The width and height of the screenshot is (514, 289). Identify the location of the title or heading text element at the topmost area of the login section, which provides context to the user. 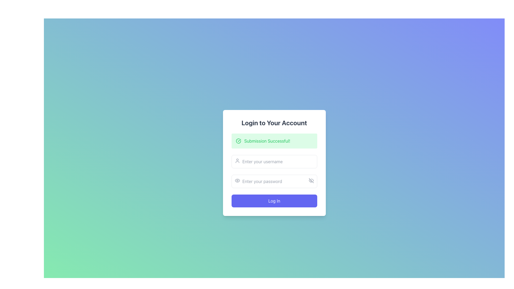
(274, 123).